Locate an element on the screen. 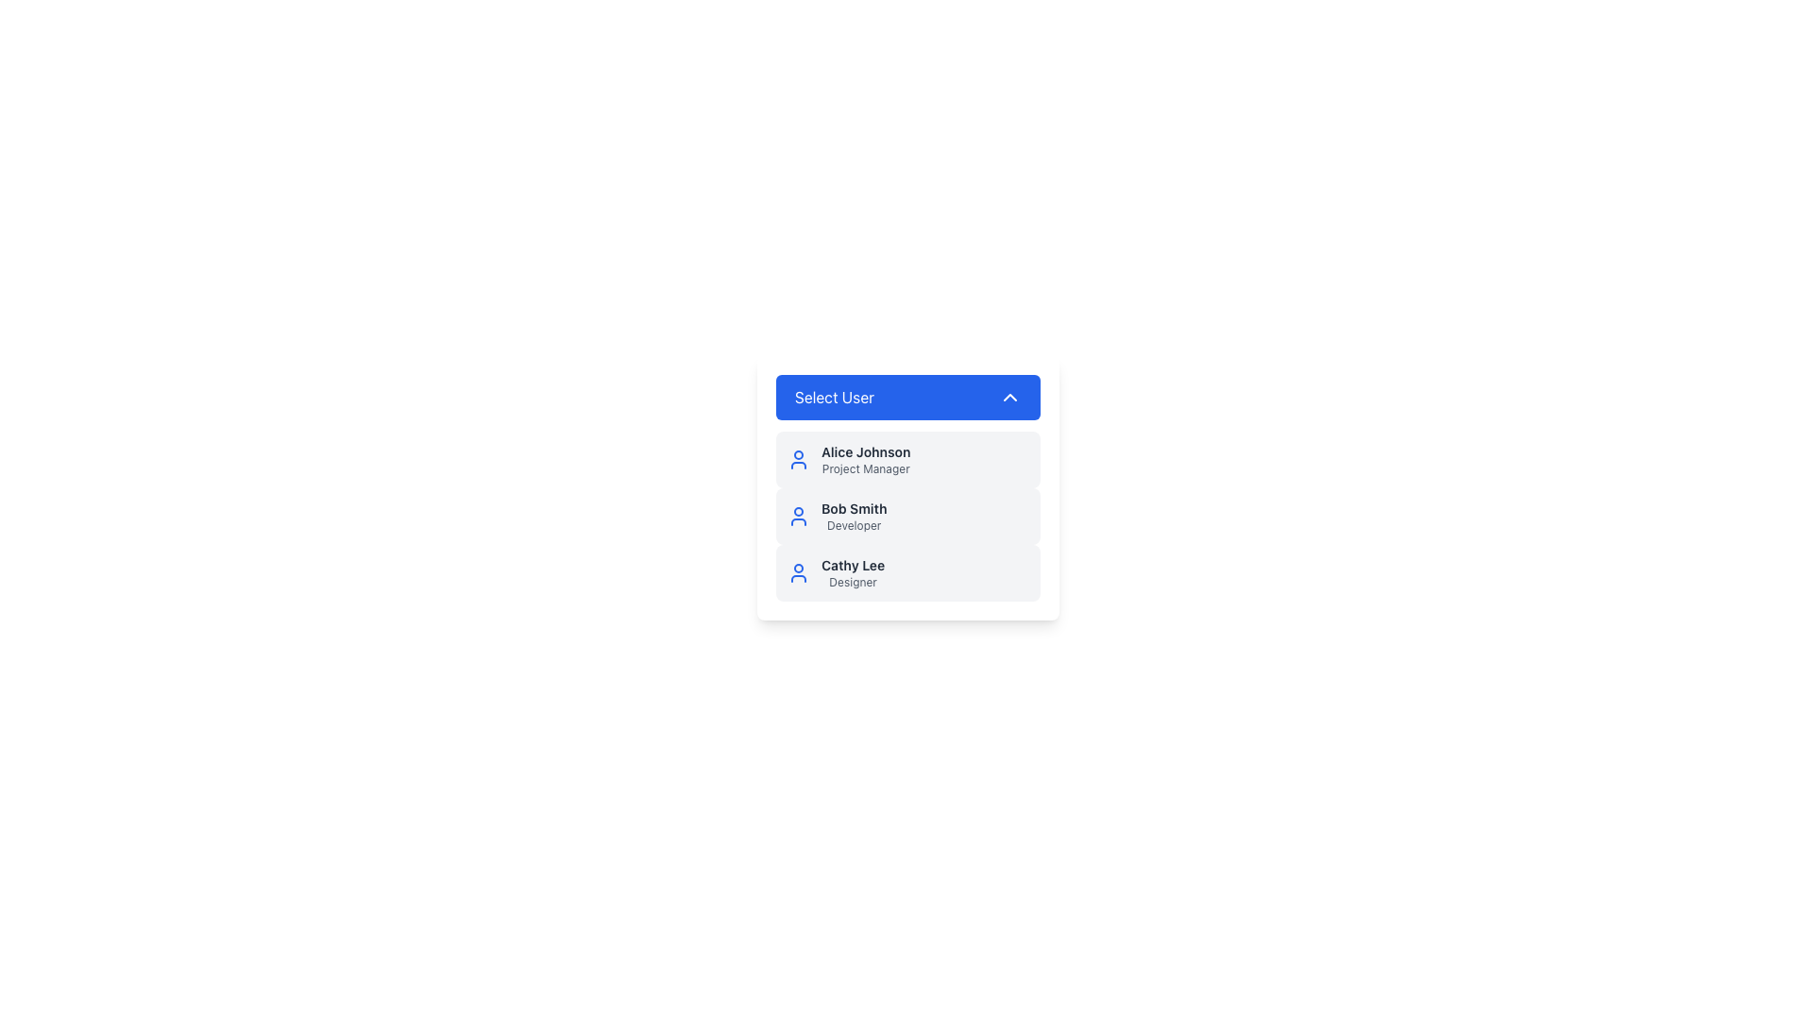  the third user profile entry in the dropdown titled 'Select User' is located at coordinates (907, 571).